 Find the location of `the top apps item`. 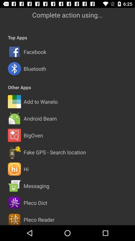

the top apps item is located at coordinates (17, 37).